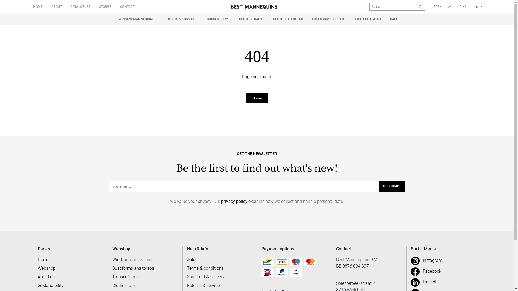  I want to click on '   Facebook', so click(426, 271).